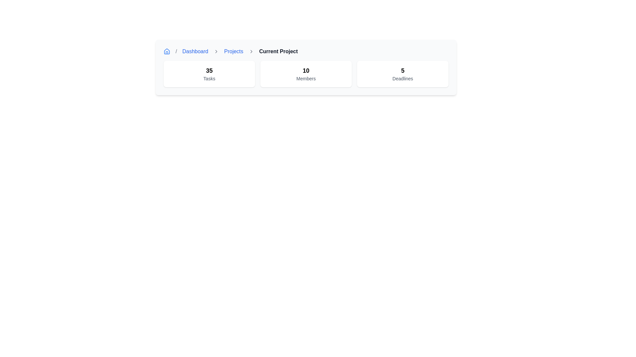  What do you see at coordinates (251, 51) in the screenshot?
I see `the third chevron arrow icon in the breadcrumb navigation that separates the 'Projects' link and 'Current Project' label, located in the upper left section of the interface` at bounding box center [251, 51].